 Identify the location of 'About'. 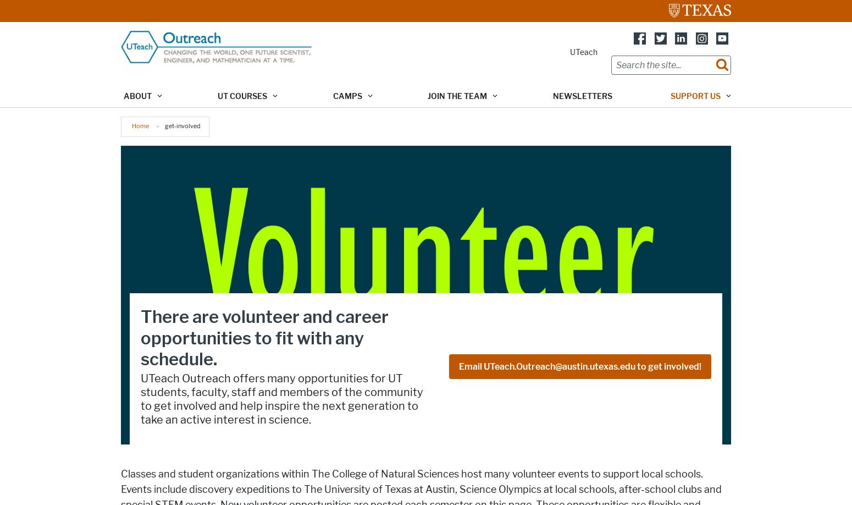
(123, 96).